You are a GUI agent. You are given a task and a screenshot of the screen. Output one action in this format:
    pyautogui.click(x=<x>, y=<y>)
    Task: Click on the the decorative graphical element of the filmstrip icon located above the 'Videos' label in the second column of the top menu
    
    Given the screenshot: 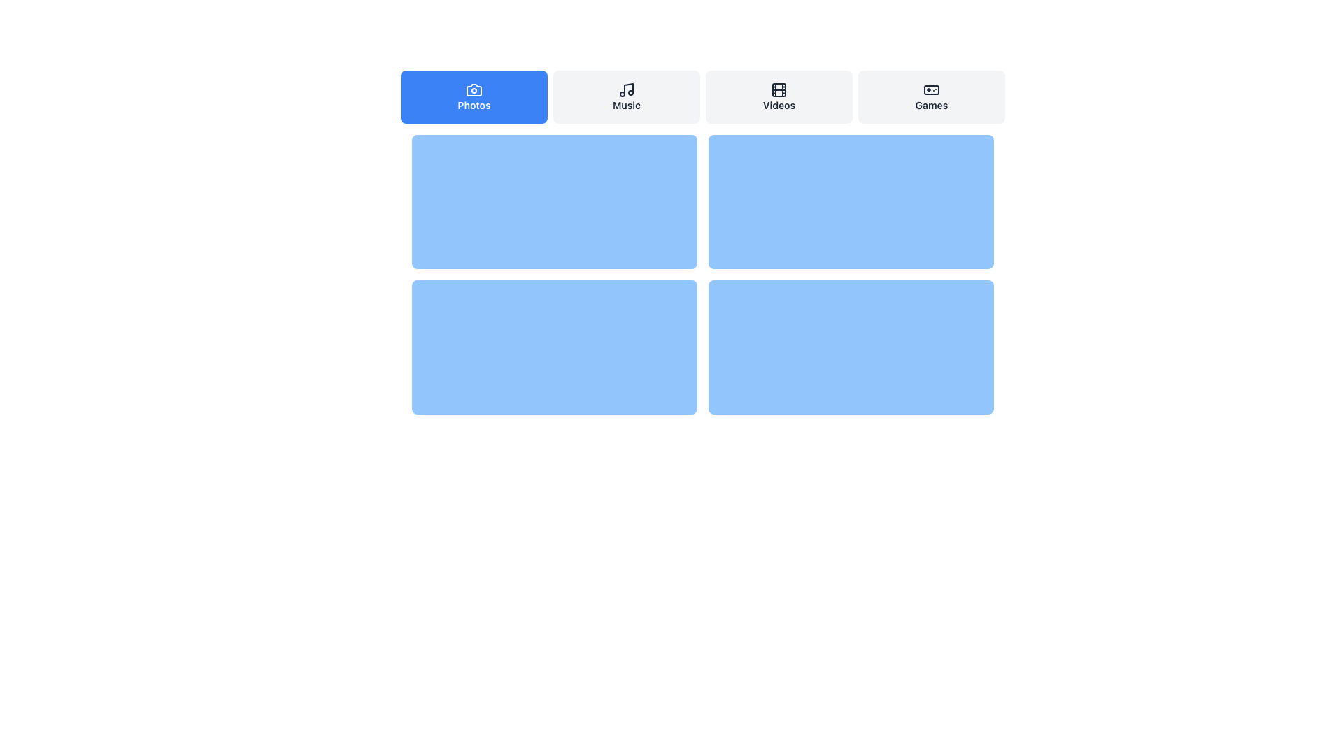 What is the action you would take?
    pyautogui.click(x=778, y=89)
    